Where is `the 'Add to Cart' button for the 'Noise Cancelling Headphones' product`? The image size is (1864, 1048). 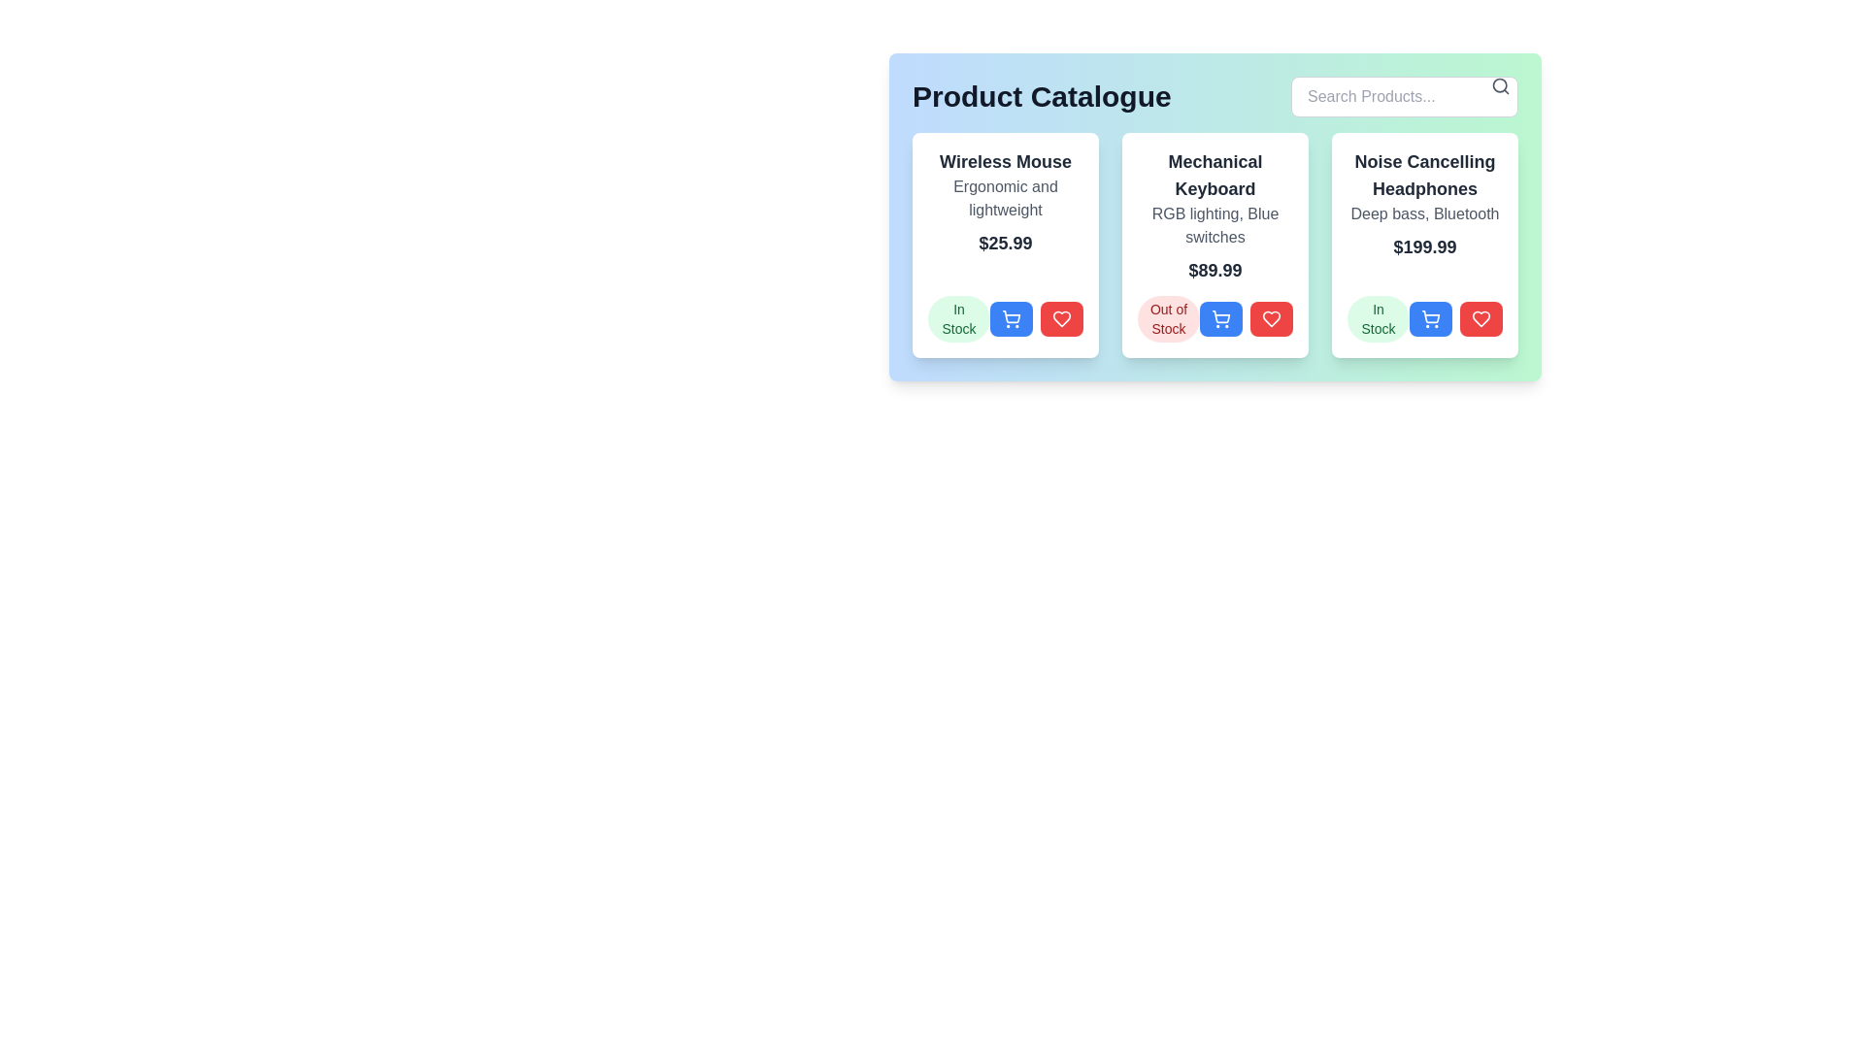 the 'Add to Cart' button for the 'Noise Cancelling Headphones' product is located at coordinates (1430, 317).